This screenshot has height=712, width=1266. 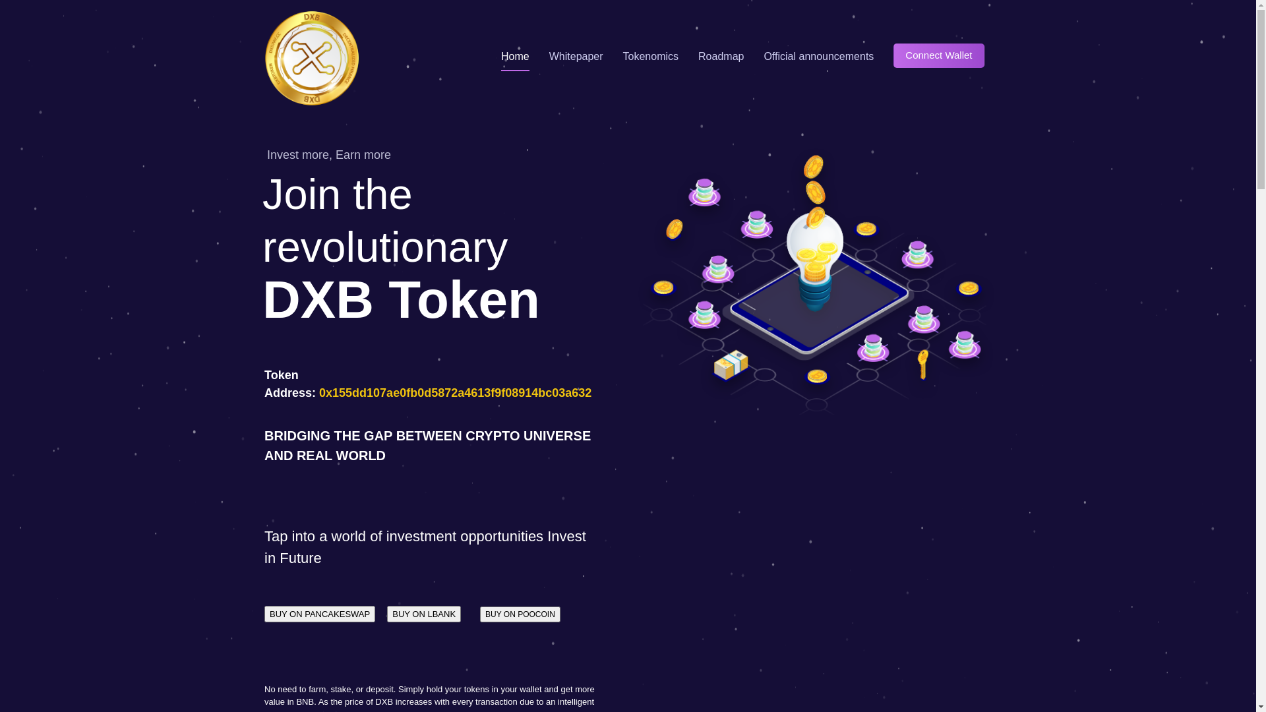 What do you see at coordinates (893, 55) in the screenshot?
I see `'Connect Wallet'` at bounding box center [893, 55].